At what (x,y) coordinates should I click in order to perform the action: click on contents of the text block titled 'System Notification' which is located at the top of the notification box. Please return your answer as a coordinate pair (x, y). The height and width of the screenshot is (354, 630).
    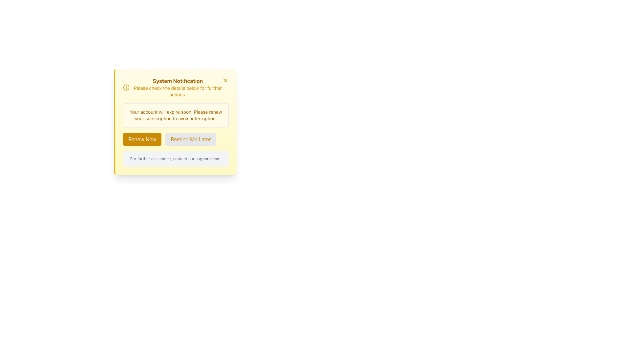
    Looking at the image, I should click on (176, 87).